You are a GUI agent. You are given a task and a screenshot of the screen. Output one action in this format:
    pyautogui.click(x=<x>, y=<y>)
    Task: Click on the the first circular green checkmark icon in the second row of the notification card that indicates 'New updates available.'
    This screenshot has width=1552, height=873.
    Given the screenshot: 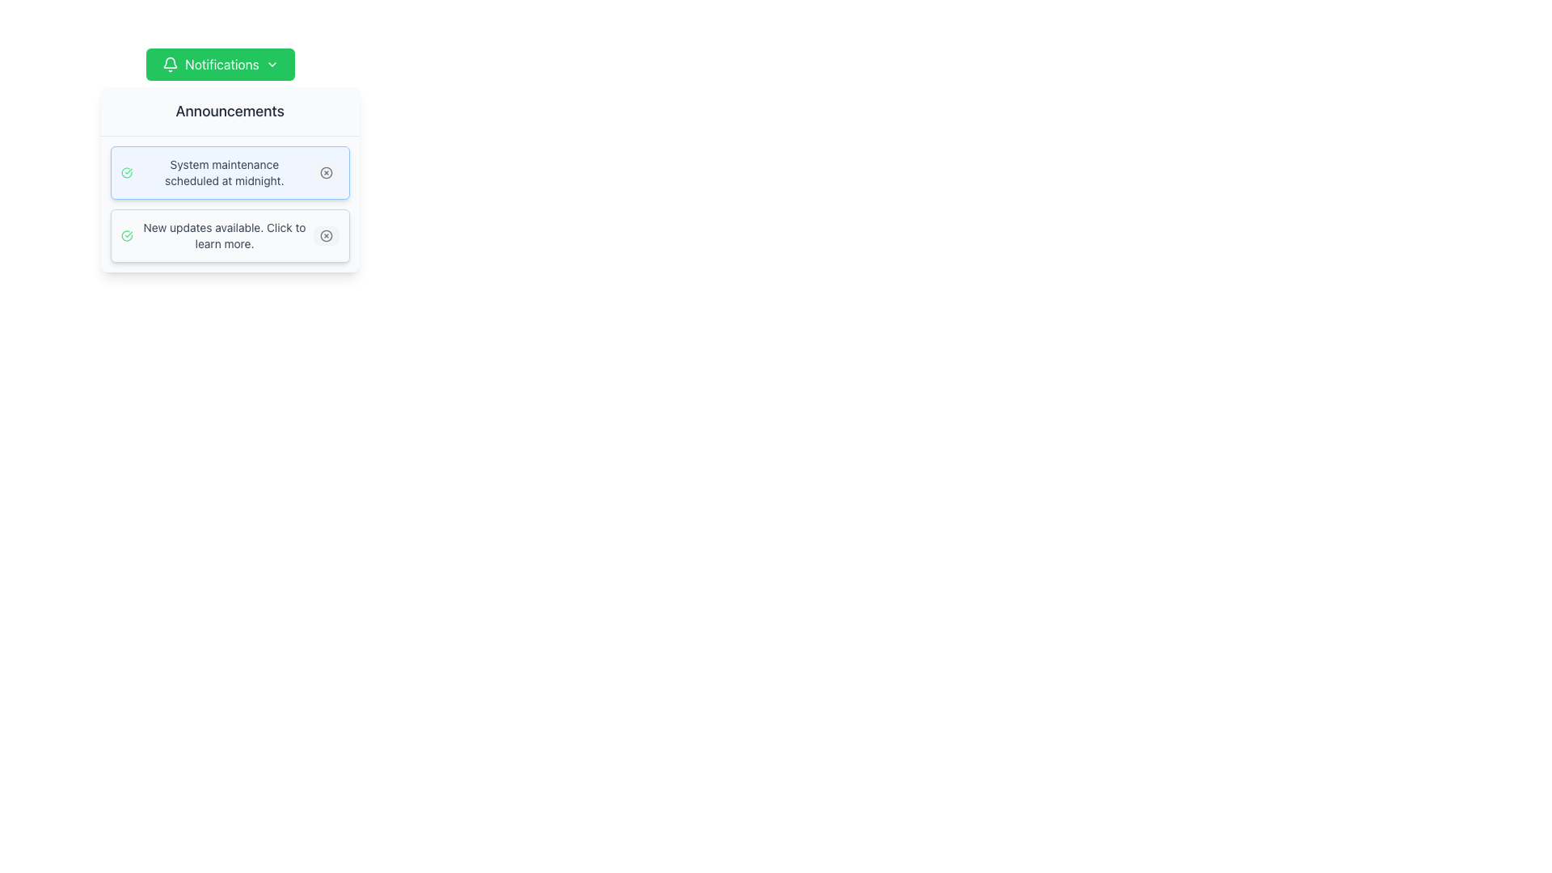 What is the action you would take?
    pyautogui.click(x=126, y=236)
    